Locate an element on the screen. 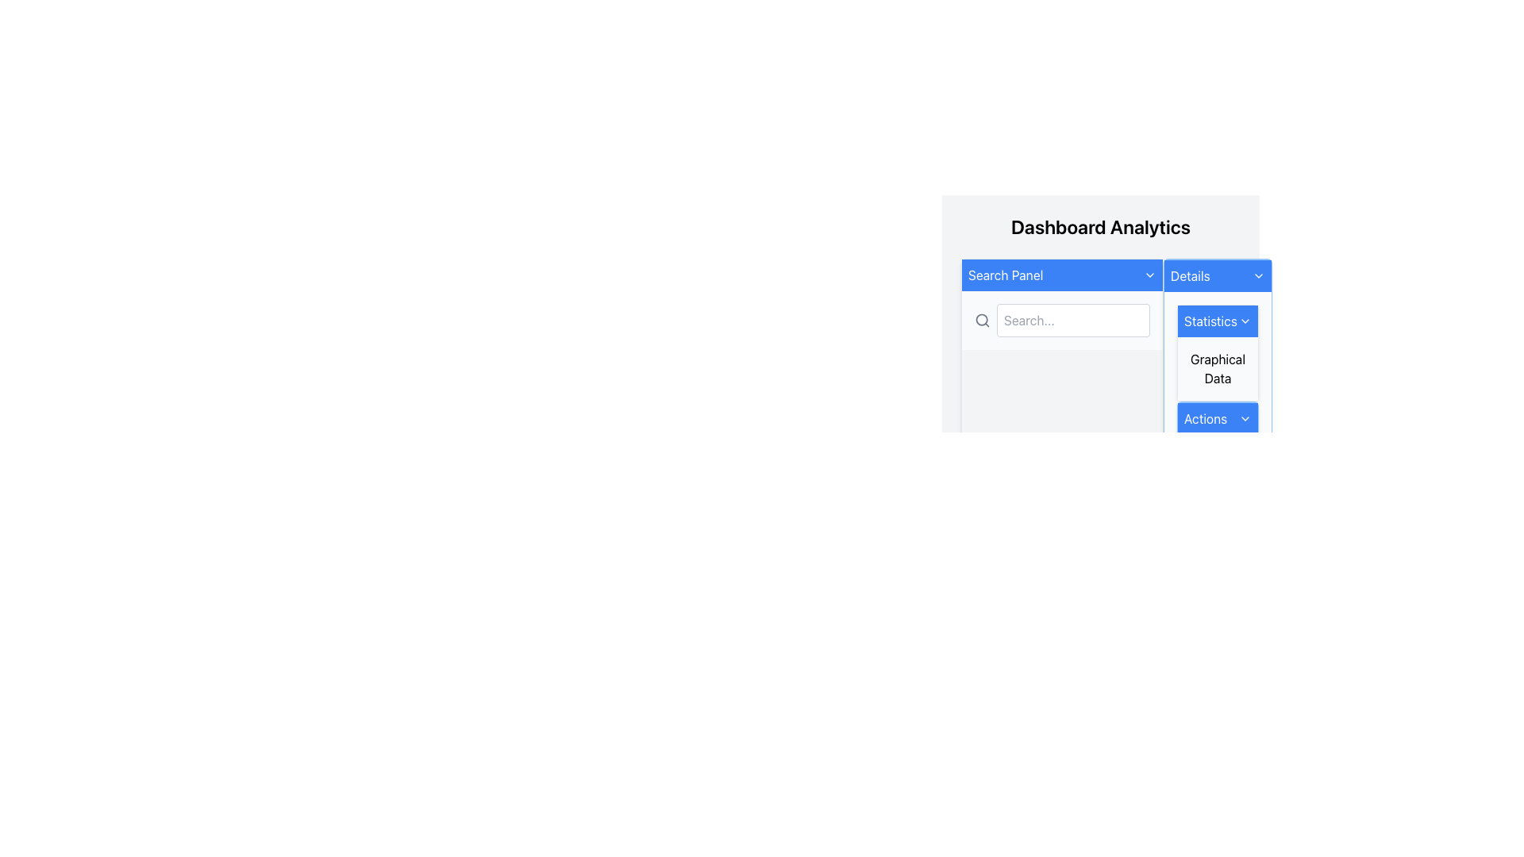  the circular lens part of the magnifying glass icon, which is located to the left of the search input box in the 'Search Panel' section under 'Dashboard Analytics' is located at coordinates (981, 320).